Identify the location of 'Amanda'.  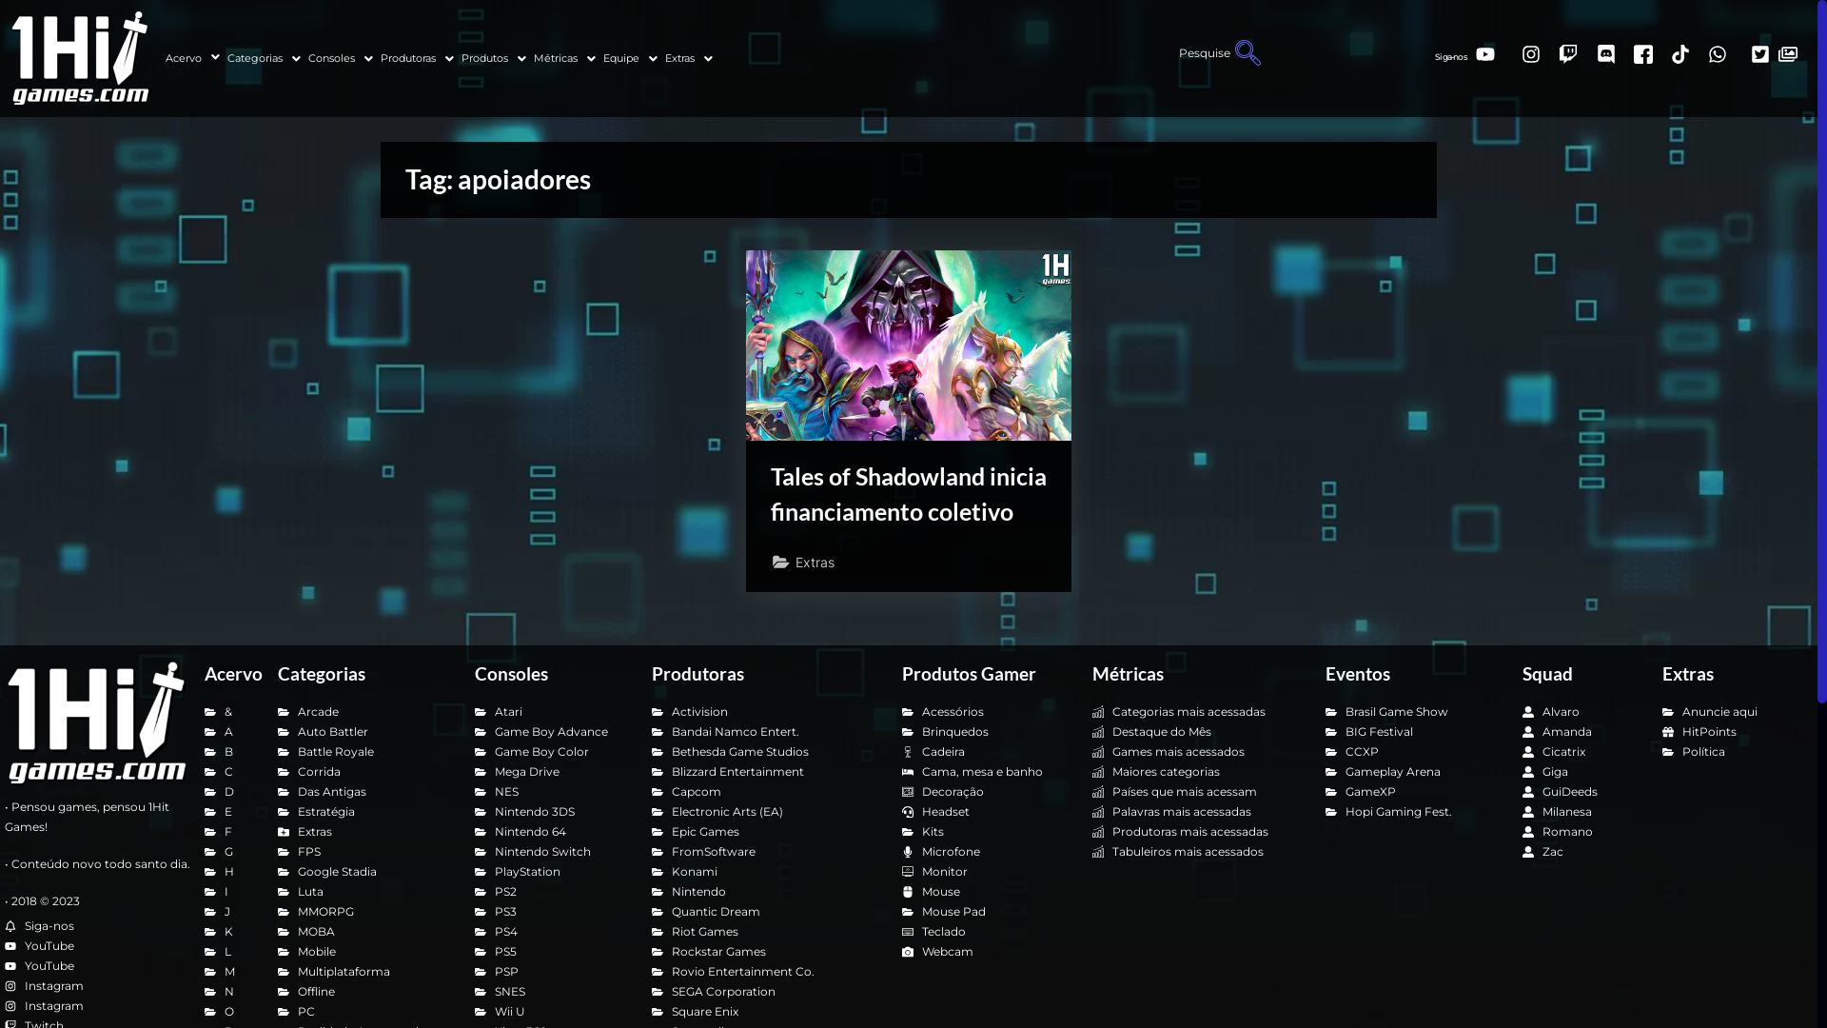
(1582, 730).